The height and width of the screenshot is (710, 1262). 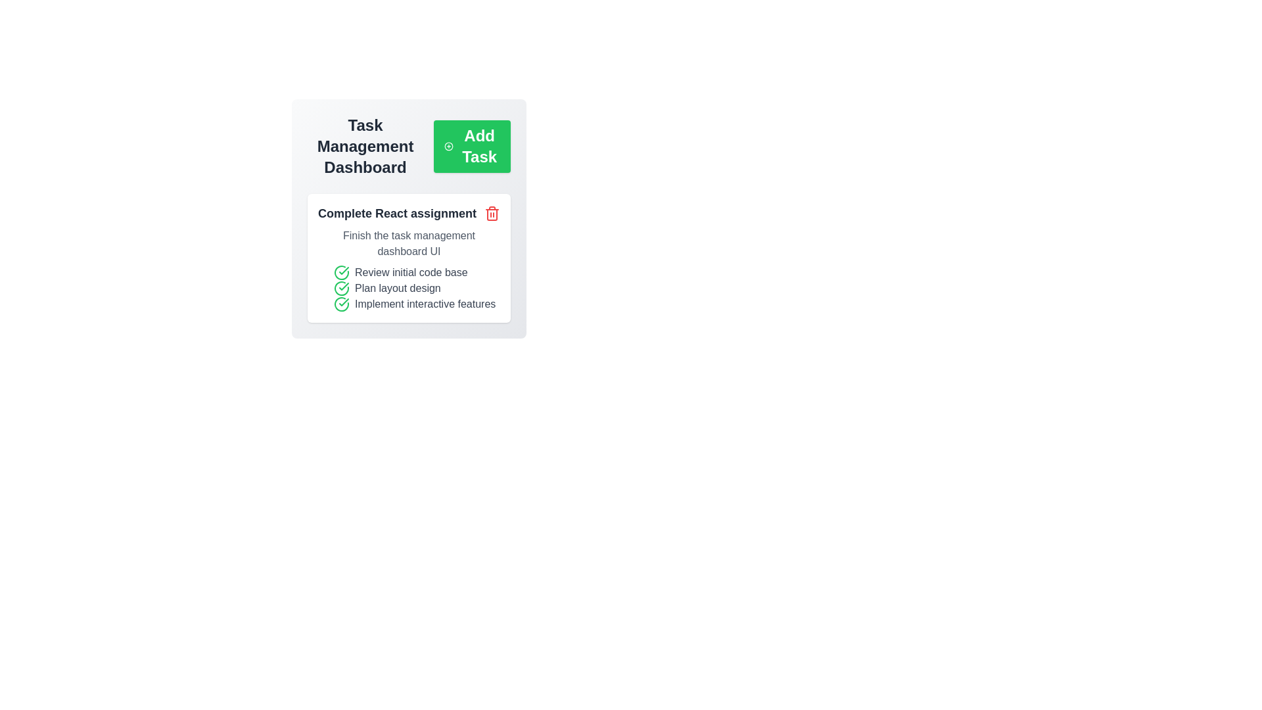 I want to click on the red trash icon button located immediately to the right of the 'Complete React assignment' text to initiate a delete action, so click(x=491, y=212).